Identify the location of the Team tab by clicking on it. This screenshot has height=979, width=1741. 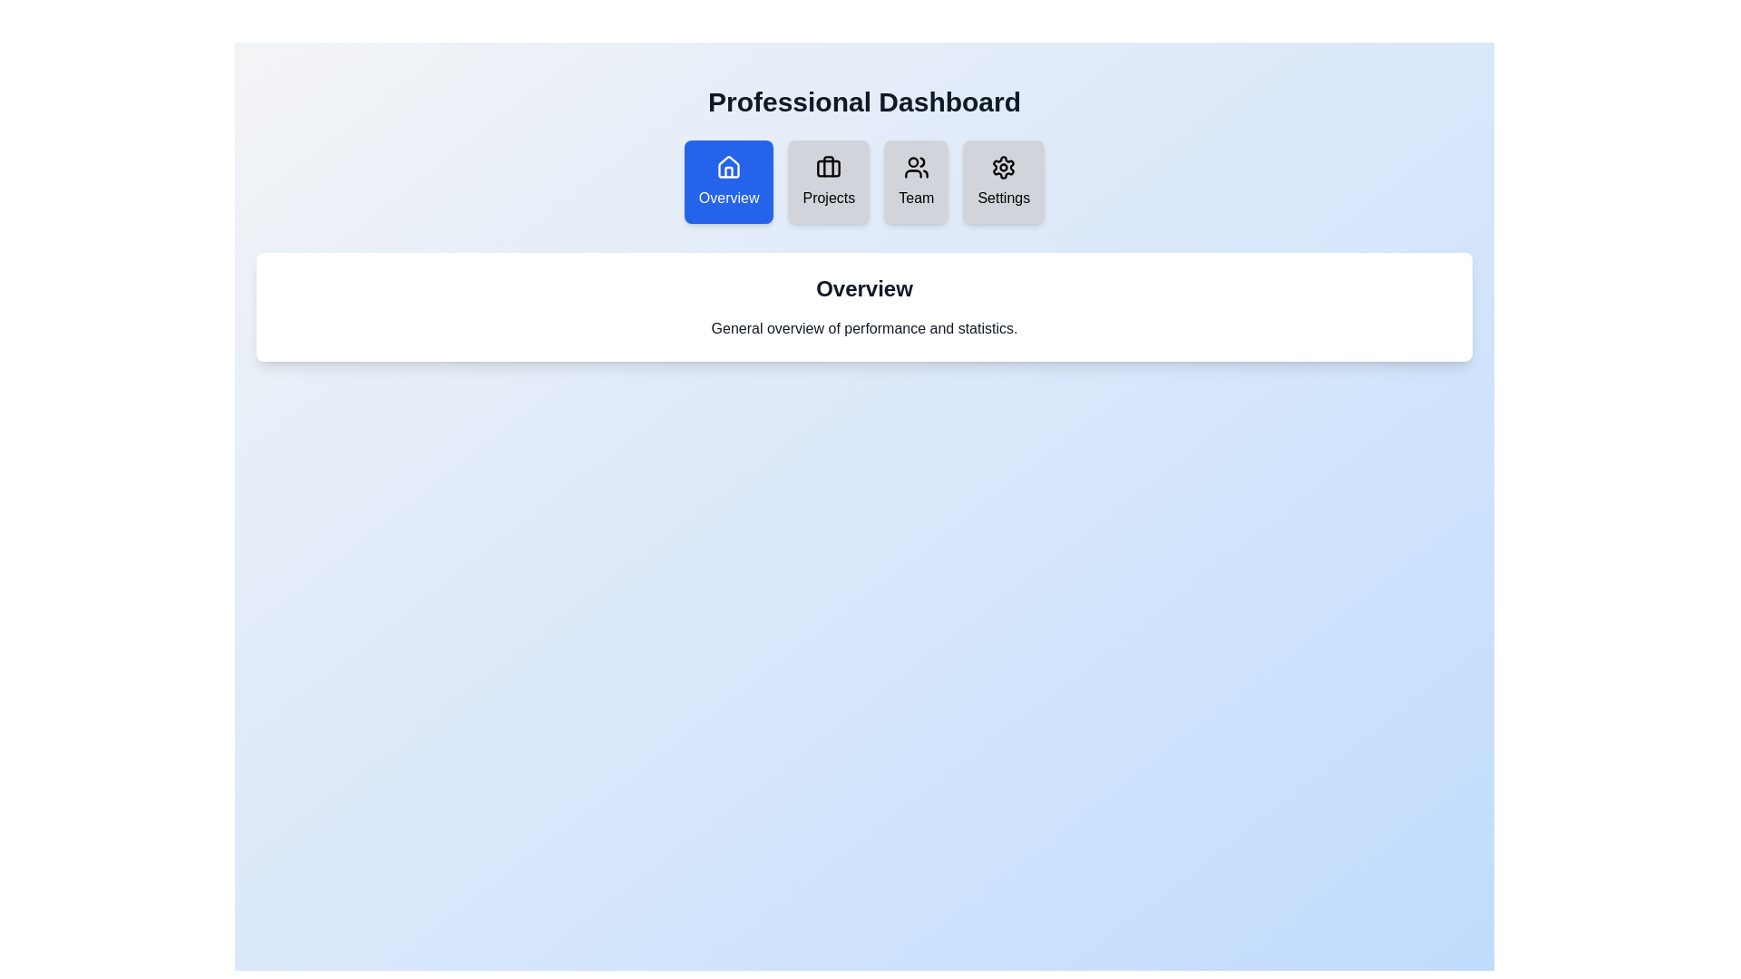
(916, 181).